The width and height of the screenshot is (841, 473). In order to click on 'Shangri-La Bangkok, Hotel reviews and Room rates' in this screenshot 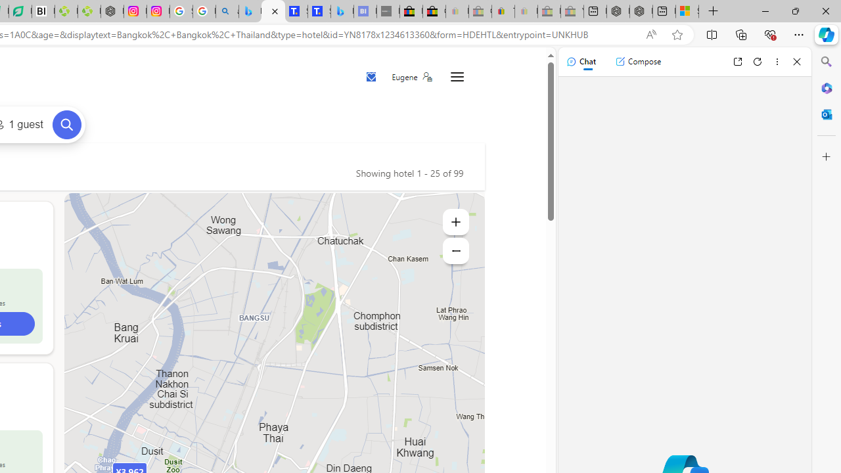, I will do `click(319, 11)`.